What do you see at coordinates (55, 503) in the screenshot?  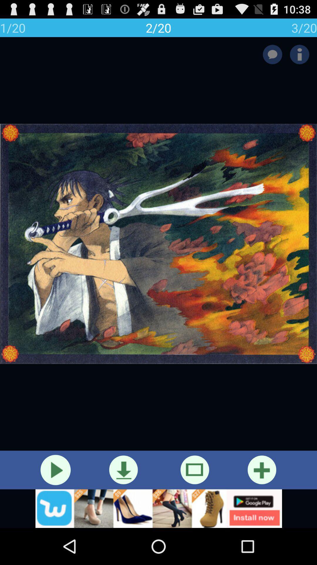 I see `the play icon` at bounding box center [55, 503].